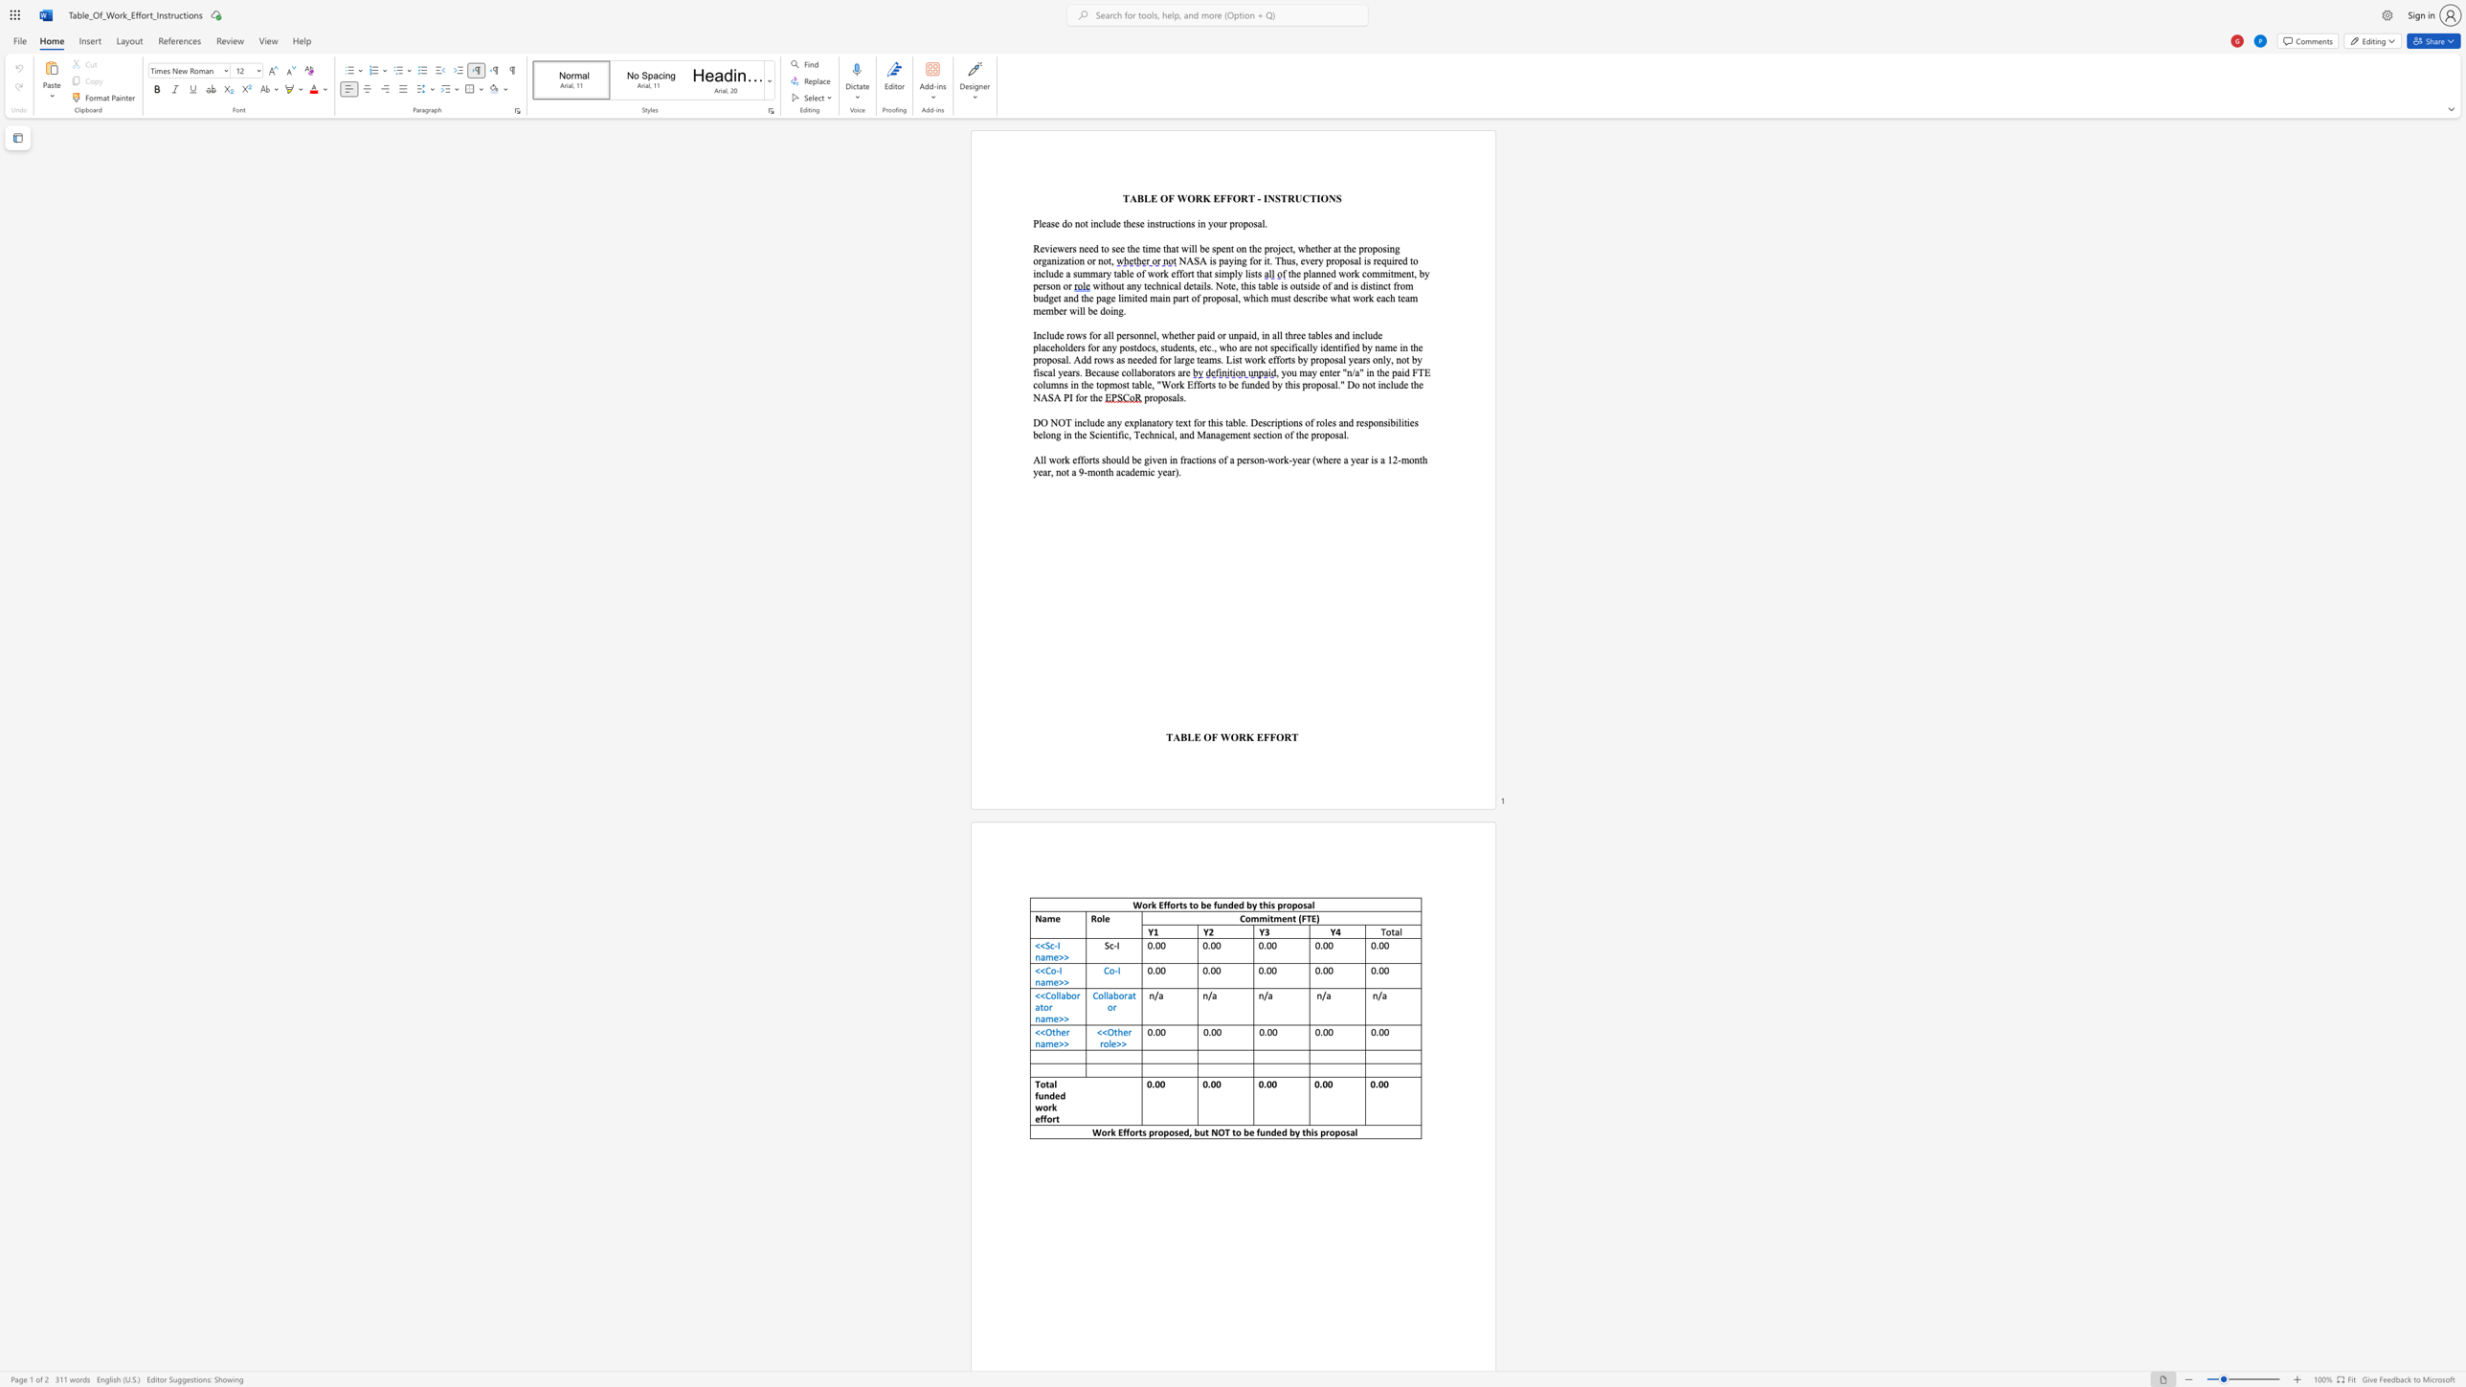  Describe the element at coordinates (1349, 347) in the screenshot. I see `the space between the continuous character "i" and "e" in the text` at that location.